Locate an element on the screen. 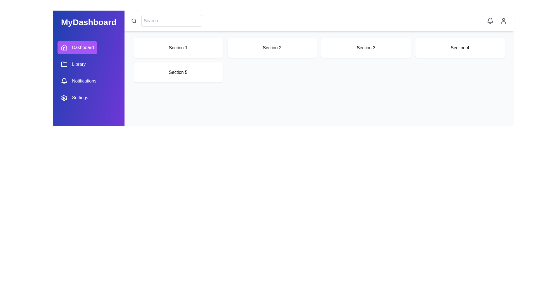 This screenshot has height=301, width=536. the 'Section 2' button component via keyboard navigation is located at coordinates (272, 48).